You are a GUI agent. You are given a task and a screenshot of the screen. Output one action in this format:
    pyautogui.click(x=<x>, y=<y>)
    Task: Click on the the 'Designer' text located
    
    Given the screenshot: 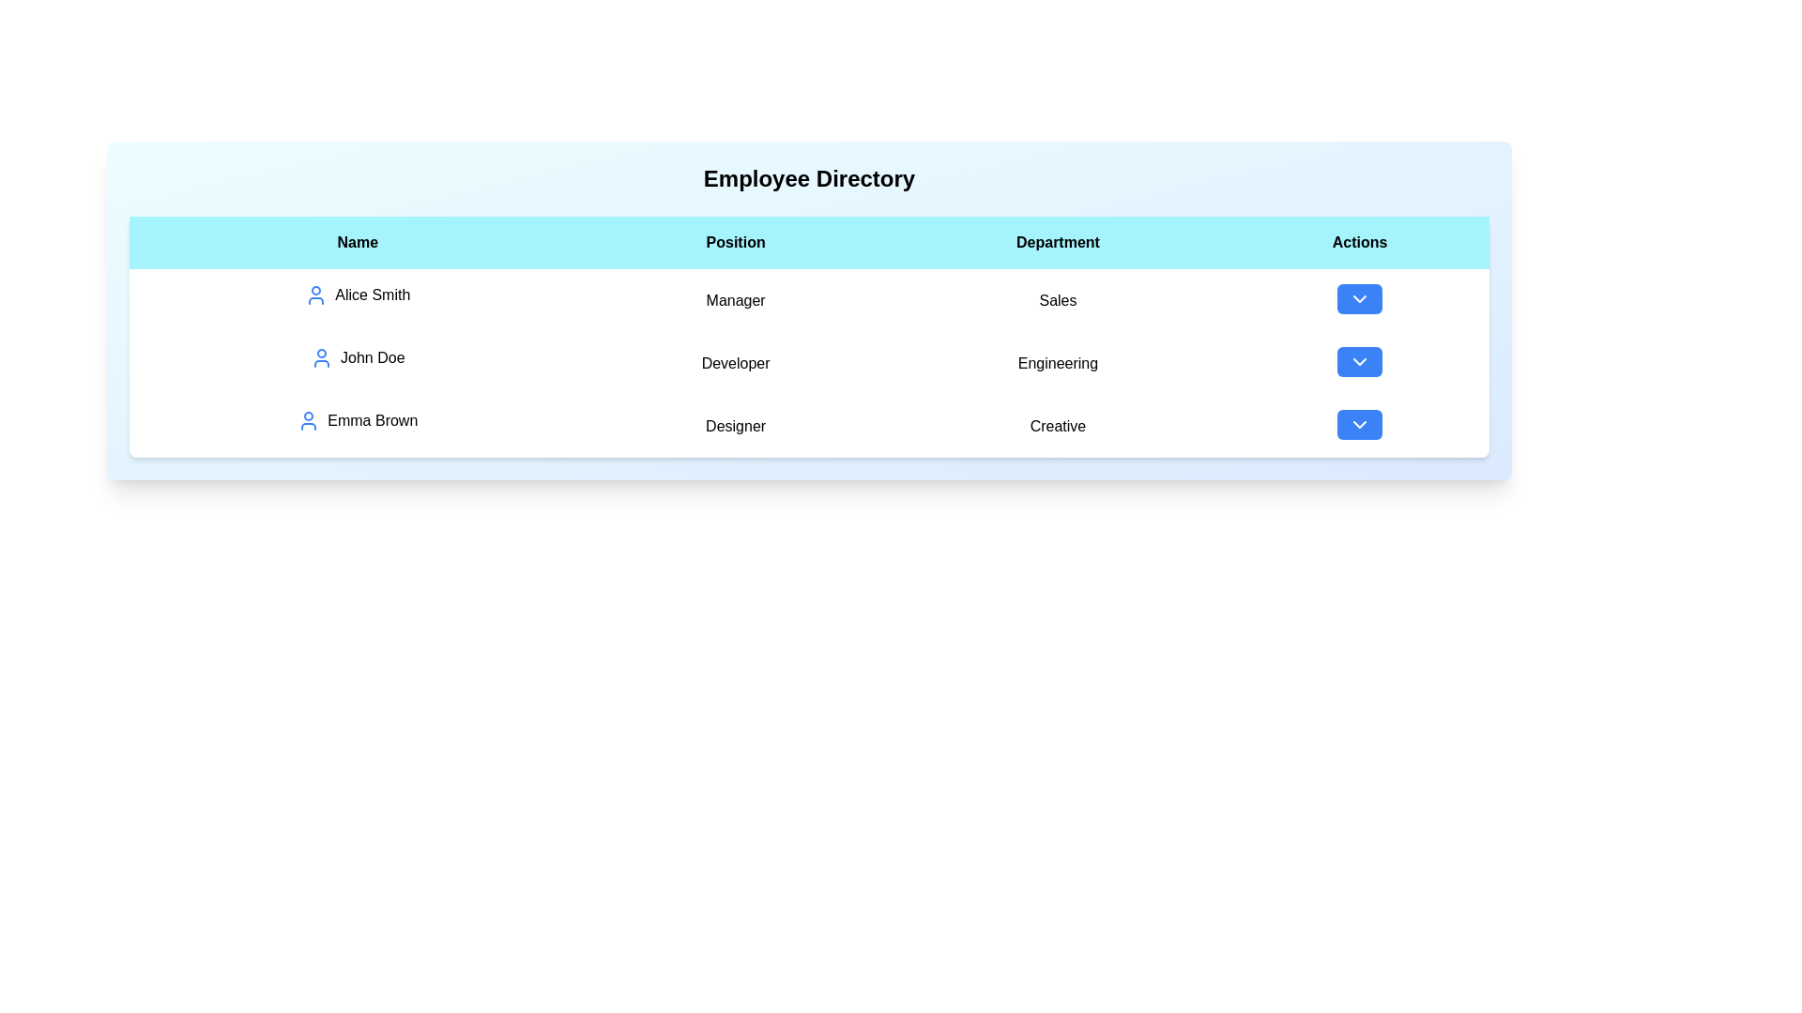 What is the action you would take?
    pyautogui.click(x=734, y=426)
    